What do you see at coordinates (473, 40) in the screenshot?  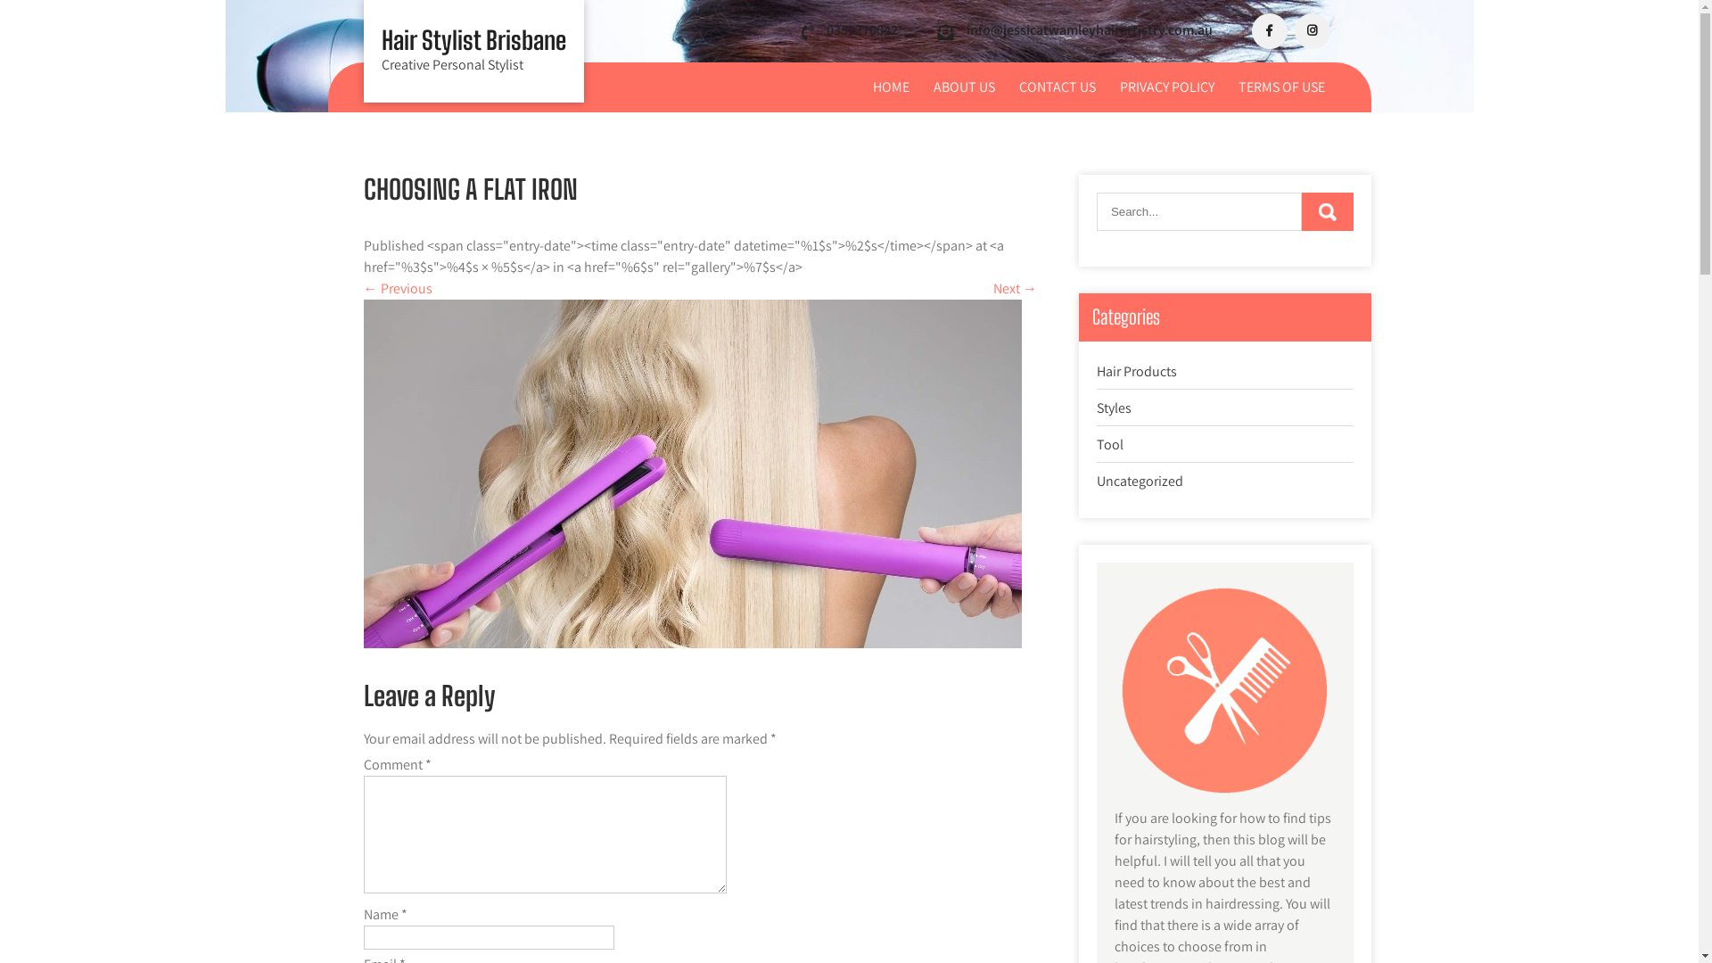 I see `'Hair Stylist Brisbane'` at bounding box center [473, 40].